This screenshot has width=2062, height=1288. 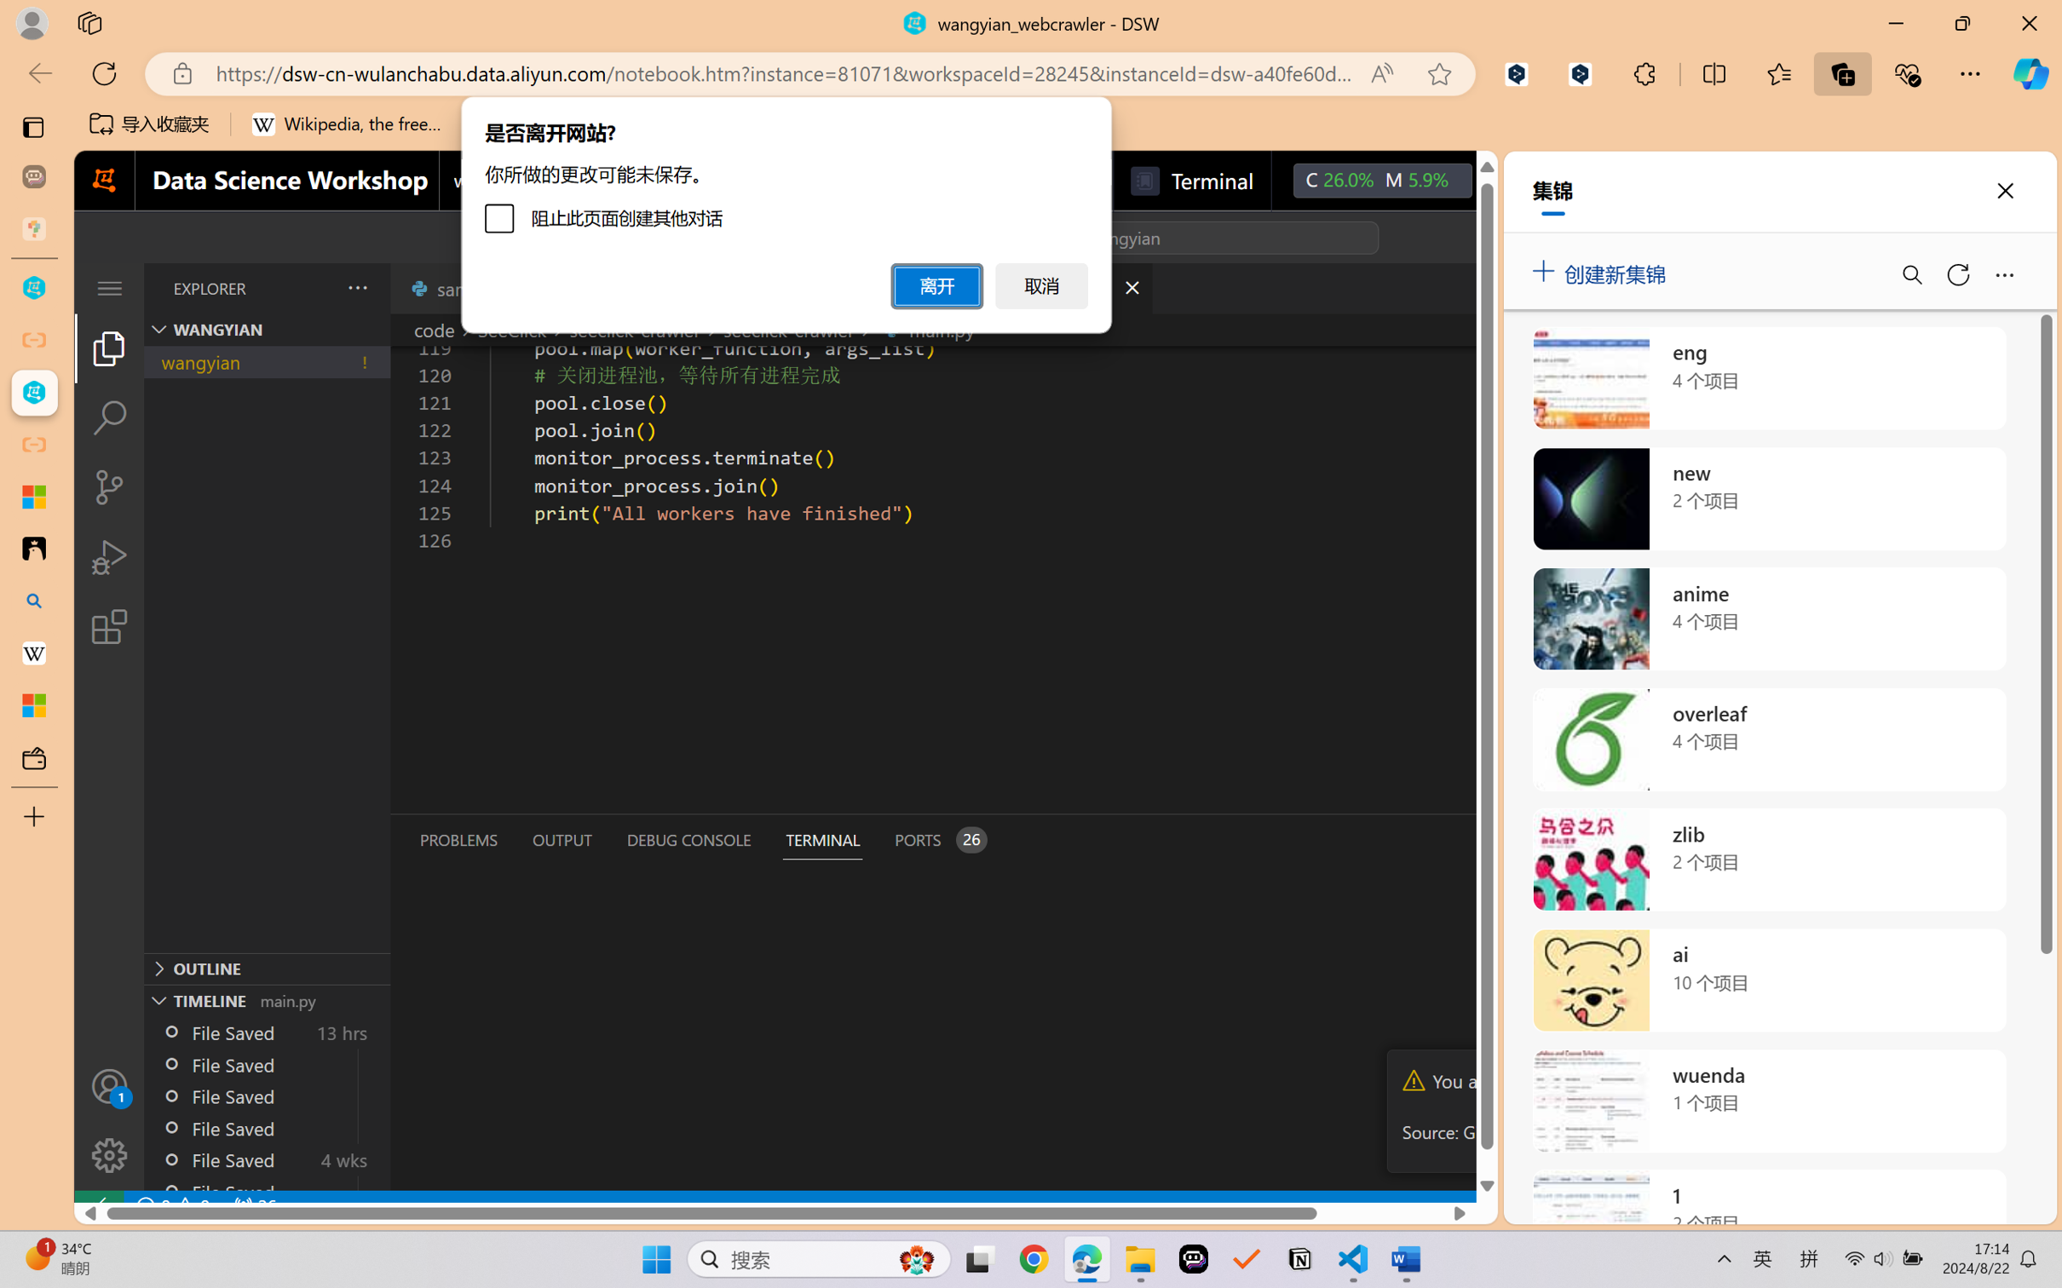 I want to click on 'C26.0% M5.9%', so click(x=1381, y=180).